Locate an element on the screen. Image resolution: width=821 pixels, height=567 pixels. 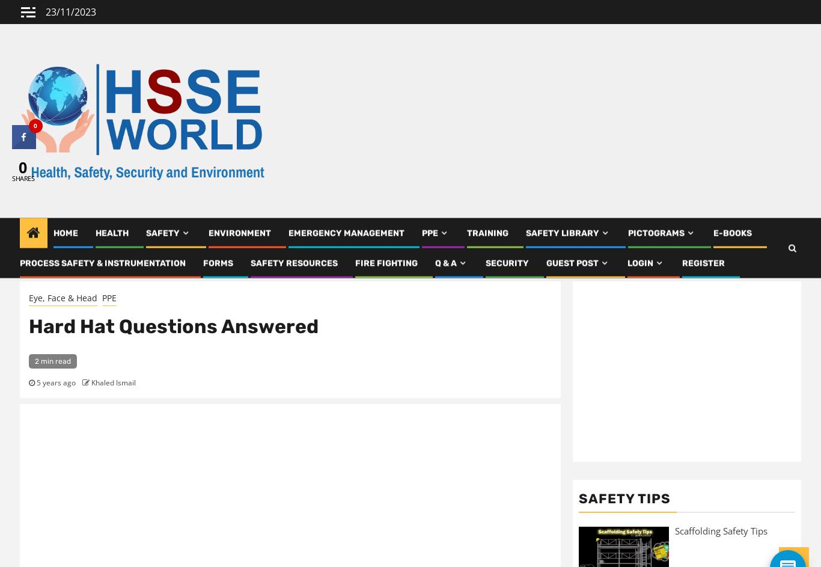
'safety Library' is located at coordinates (525, 237).